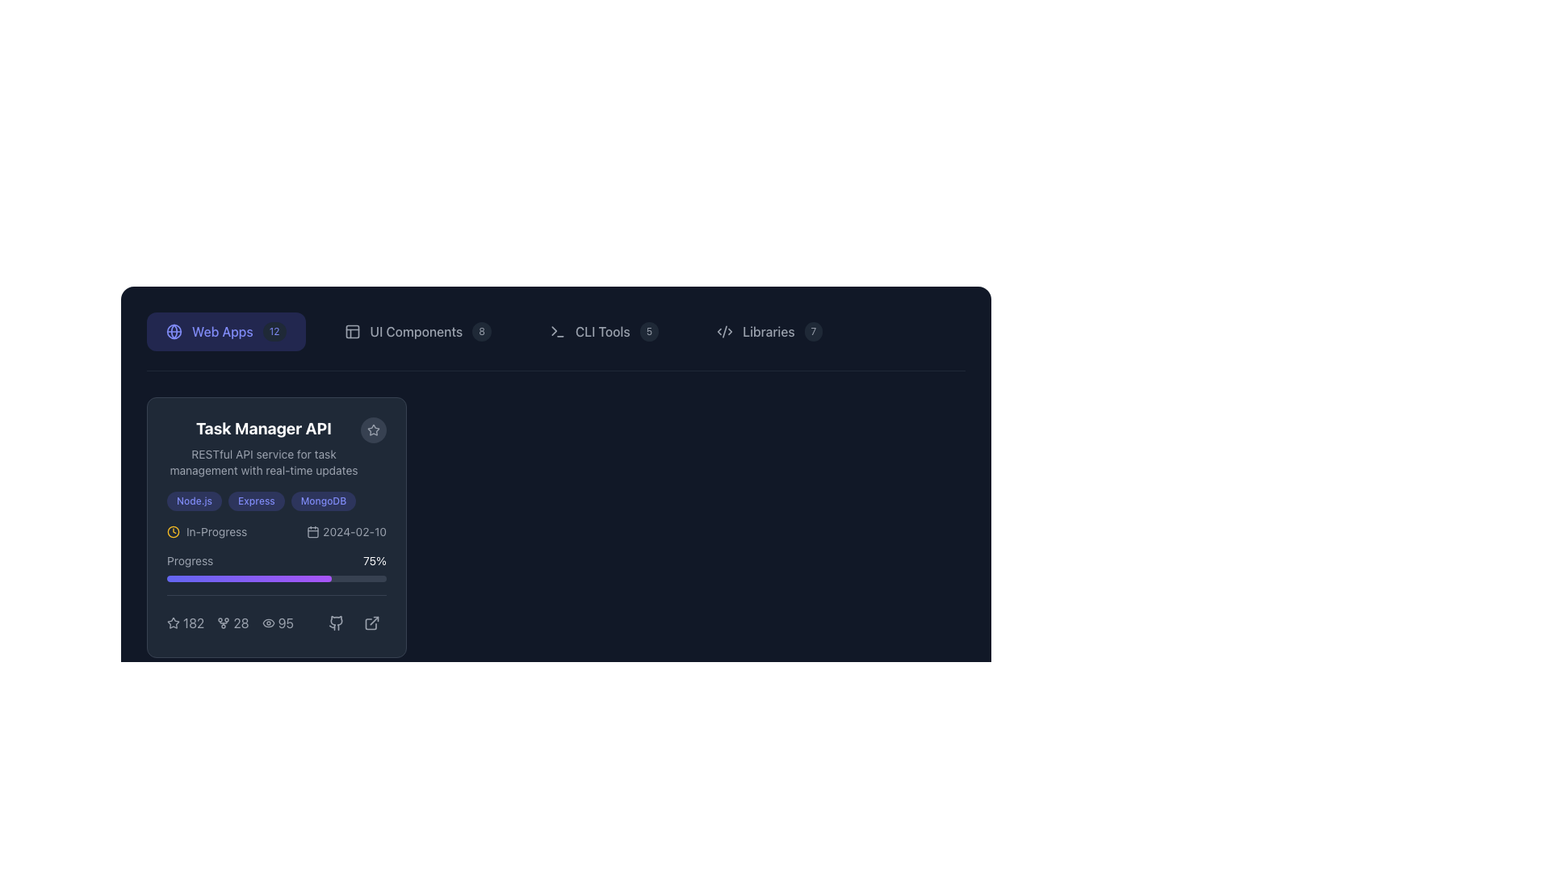  What do you see at coordinates (481, 331) in the screenshot?
I see `the badge component displaying the number '8', which indicates a count or status associated with the 'UI Components' section` at bounding box center [481, 331].